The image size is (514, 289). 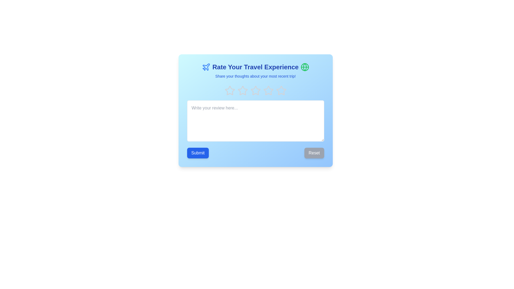 What do you see at coordinates (255, 90) in the screenshot?
I see `the individual star in the A rating system positioned at the top-center of the card, directly below the 'Rate Your Travel Experience' heading` at bounding box center [255, 90].